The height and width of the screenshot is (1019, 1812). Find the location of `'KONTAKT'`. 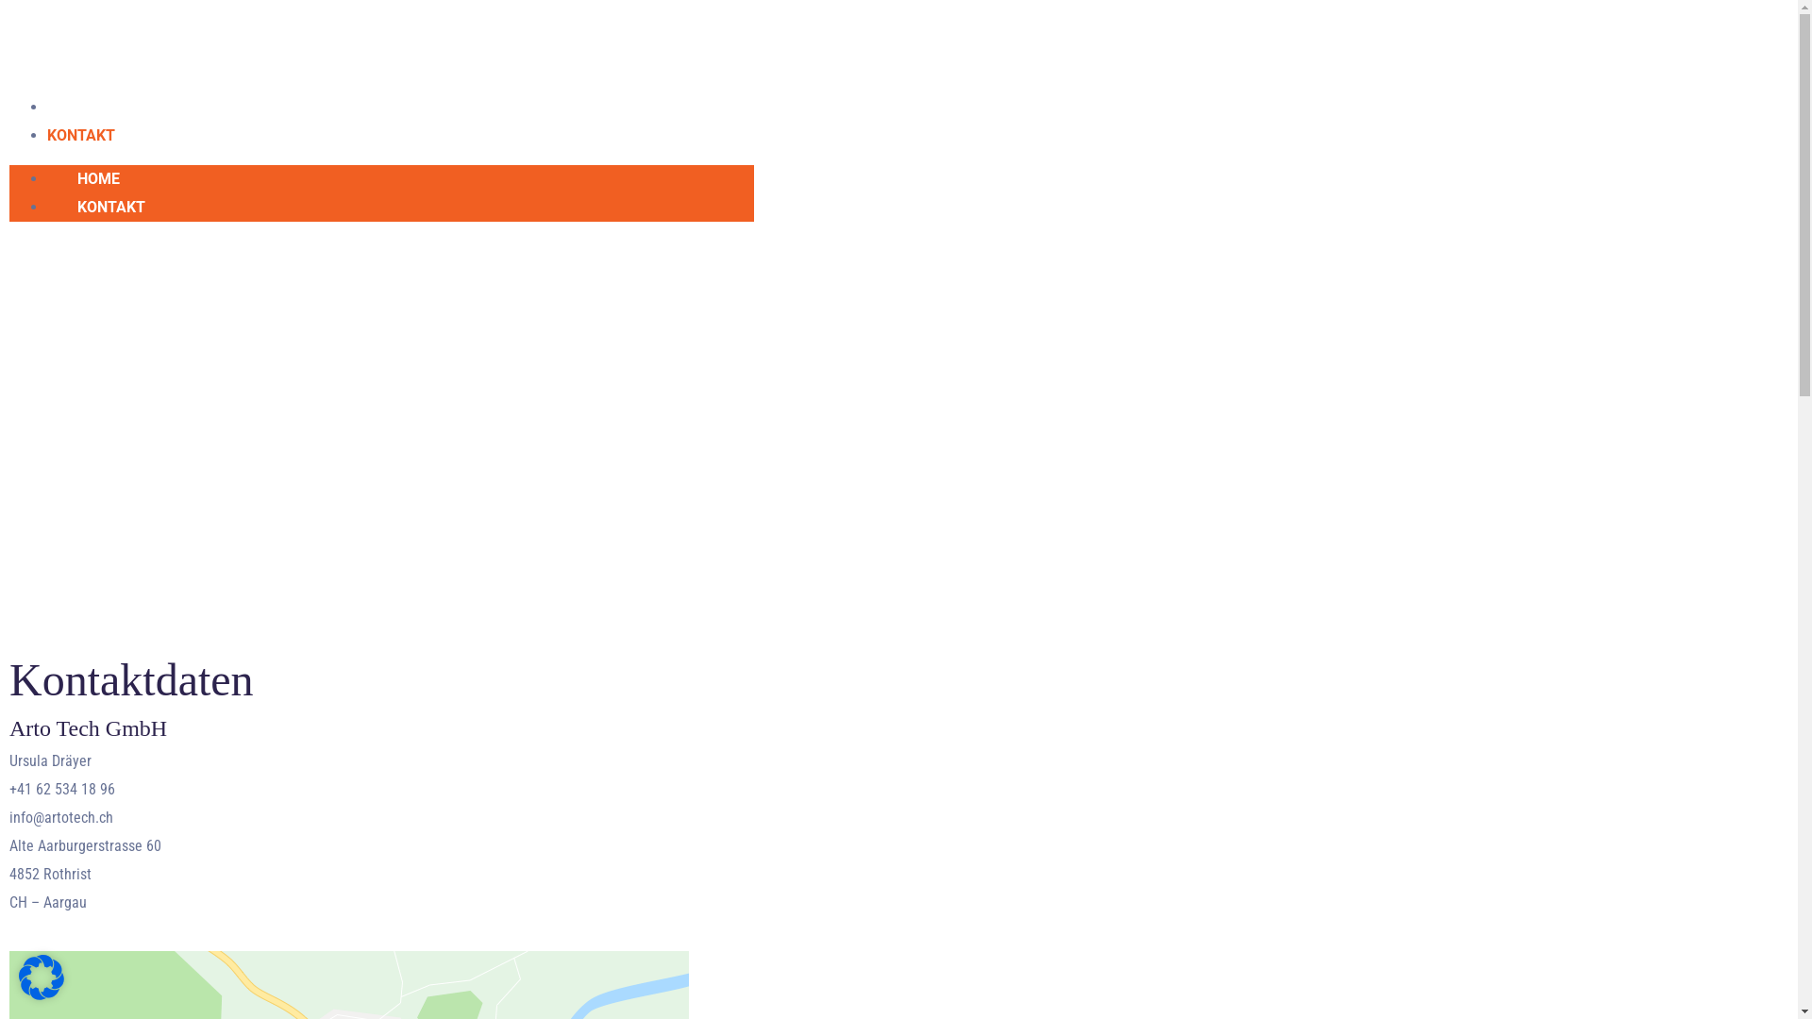

'KONTAKT' is located at coordinates (110, 207).